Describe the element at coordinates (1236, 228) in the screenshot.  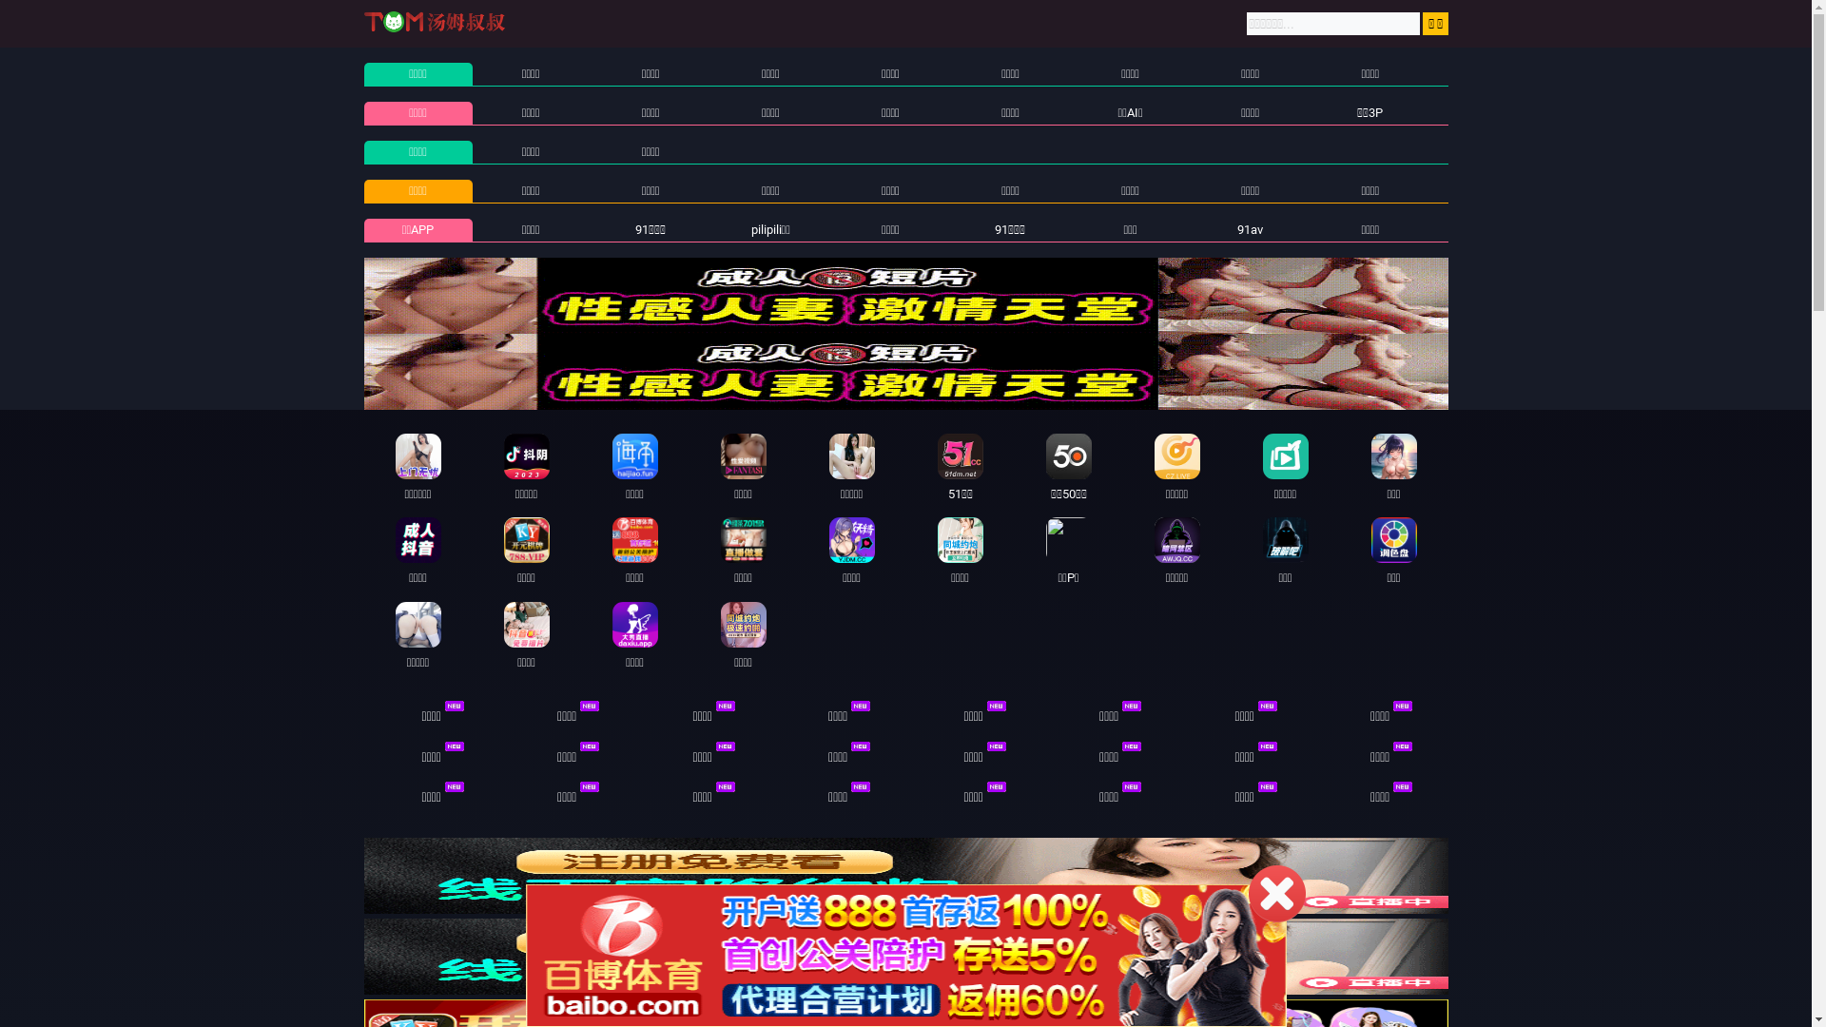
I see `'91av'` at that location.